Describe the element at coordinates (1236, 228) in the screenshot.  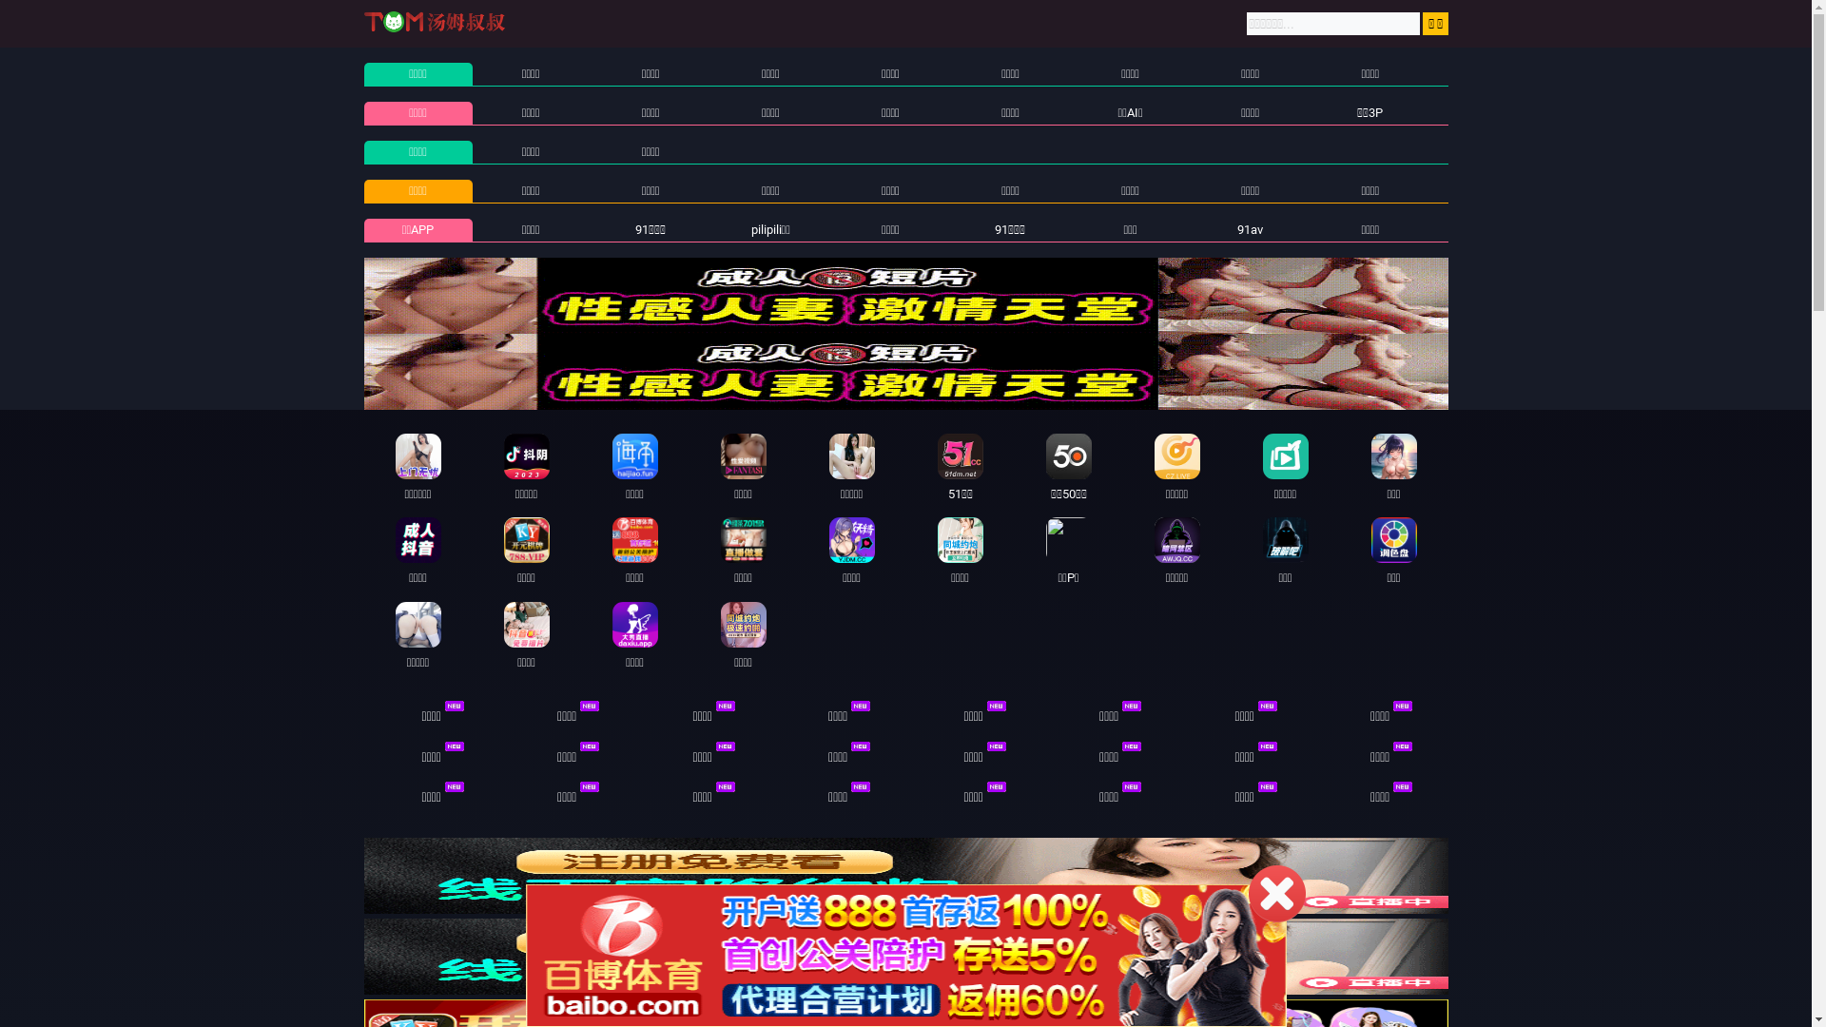
I see `'91av'` at that location.